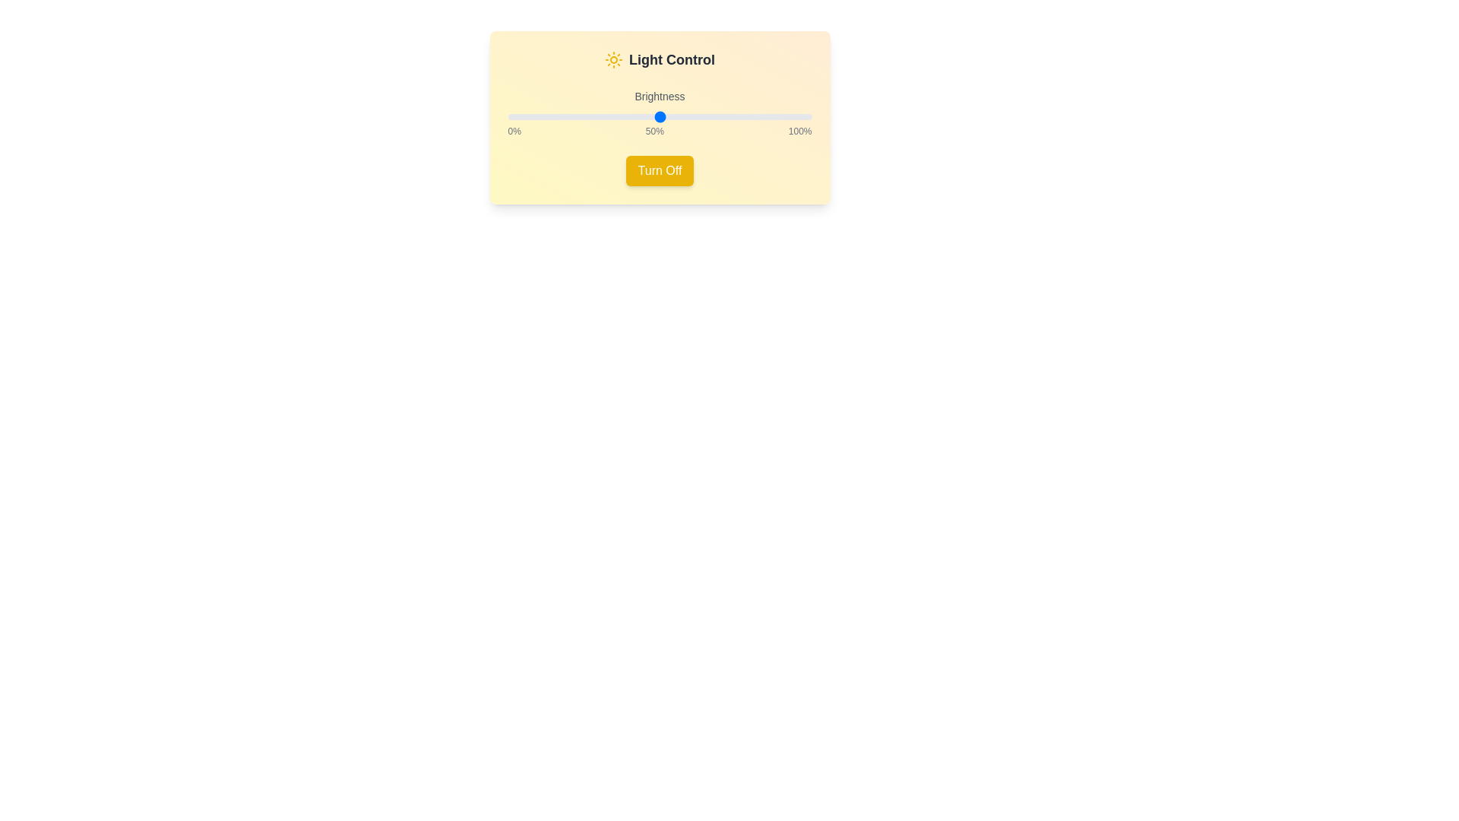 The height and width of the screenshot is (821, 1459). What do you see at coordinates (799, 131) in the screenshot?
I see `the static text label displaying '100%' which is the rightmost among its siblings ('0%', '50%') in a horizontal layout beneath the slider component in the light control settings card` at bounding box center [799, 131].